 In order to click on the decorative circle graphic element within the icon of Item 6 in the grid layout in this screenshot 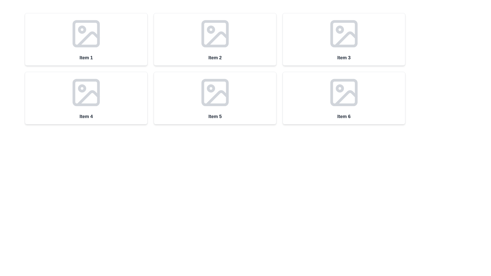, I will do `click(340, 88)`.